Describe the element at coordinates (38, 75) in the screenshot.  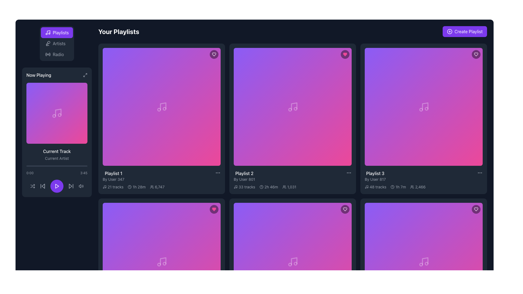
I see `the static text label indicating the current playback status in the 'Now Playing' section located at the top of the left sidebar` at that location.